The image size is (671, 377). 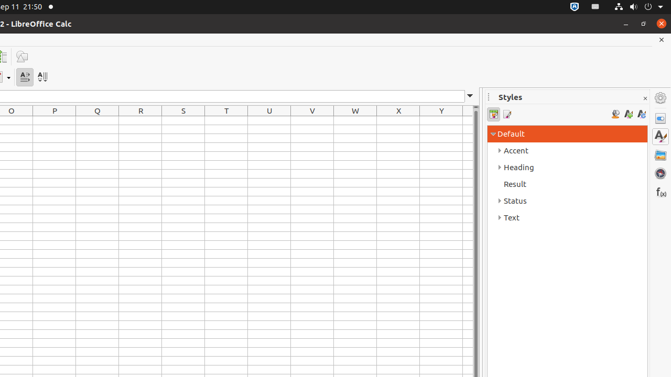 I want to click on 'Gallery', so click(x=660, y=154).